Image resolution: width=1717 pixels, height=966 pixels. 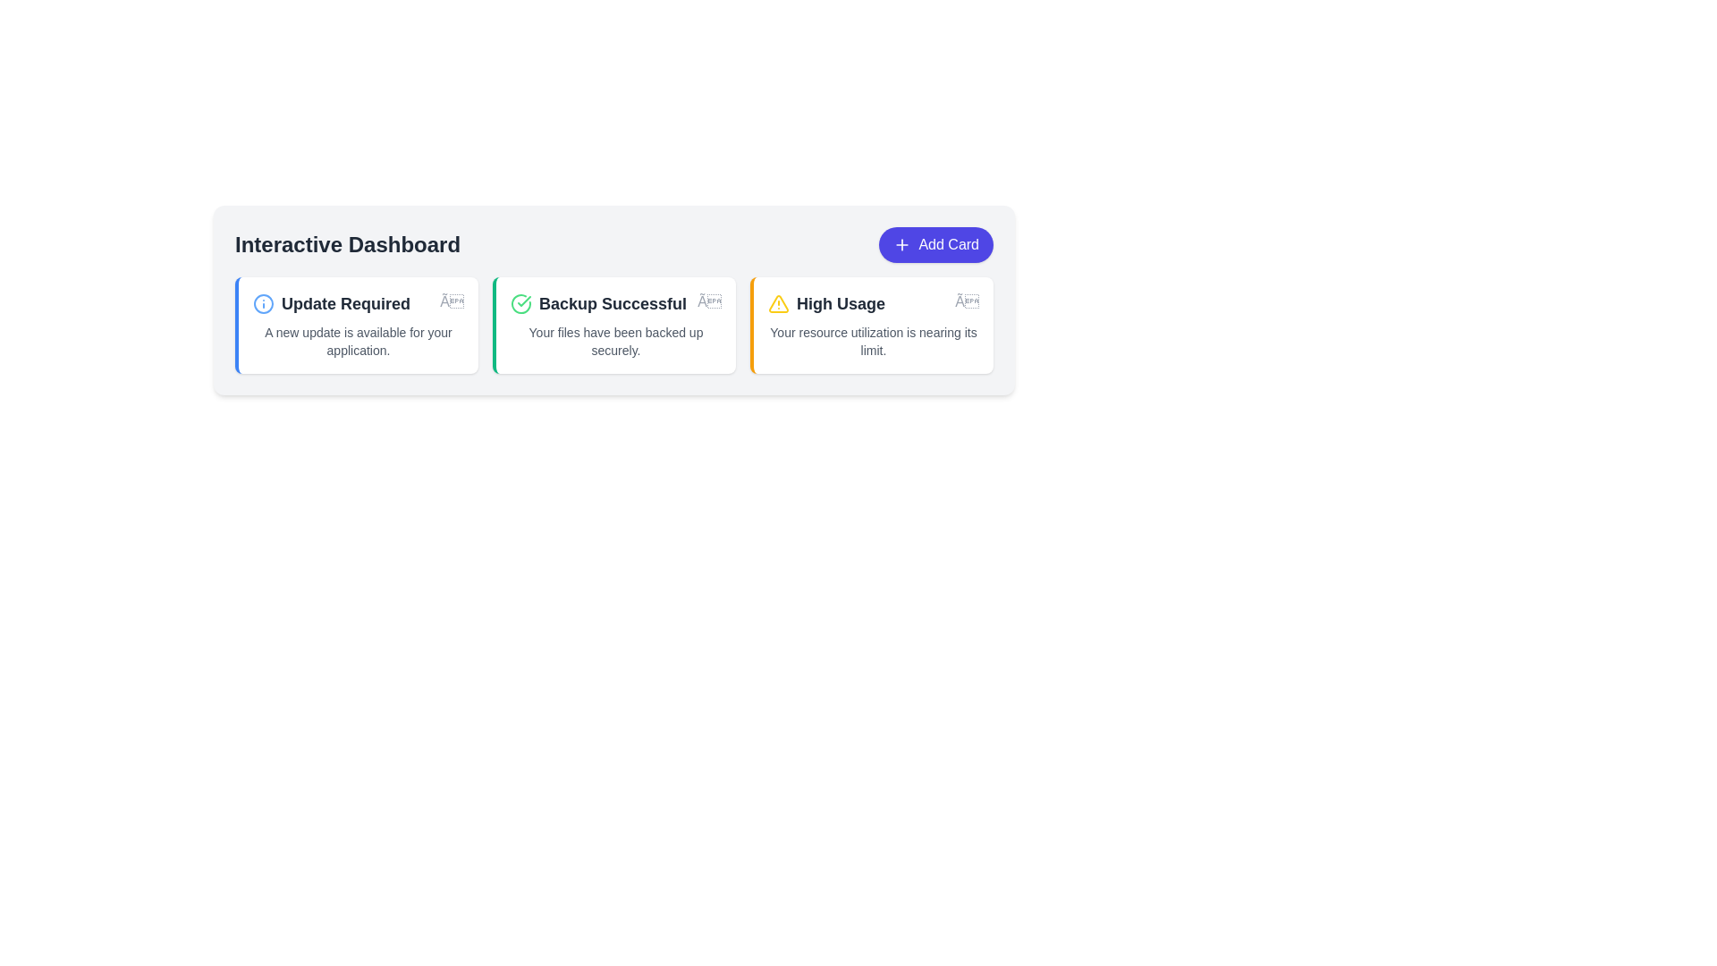 What do you see at coordinates (358, 341) in the screenshot?
I see `the static text label that reads 'A new update is available for your application.' which is styled with a small font size and gray color, located below the title 'Update Required' in the first card of the 'Interactive Dashboard' group` at bounding box center [358, 341].